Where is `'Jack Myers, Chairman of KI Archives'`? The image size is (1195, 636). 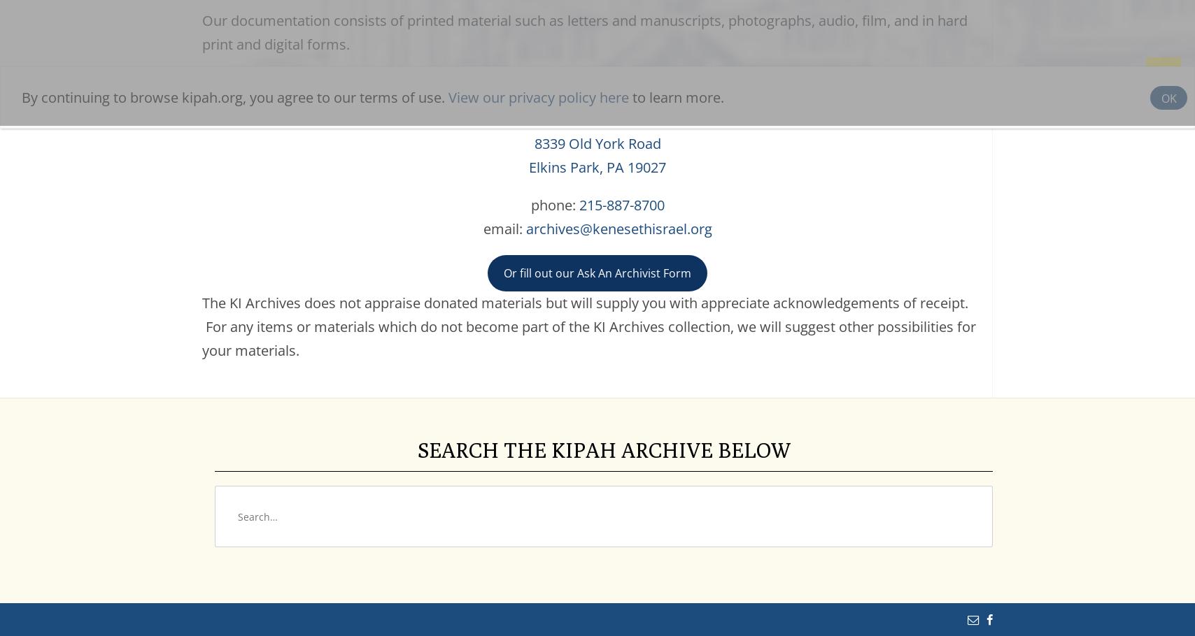 'Jack Myers, Chairman of KI Archives' is located at coordinates (597, 120).